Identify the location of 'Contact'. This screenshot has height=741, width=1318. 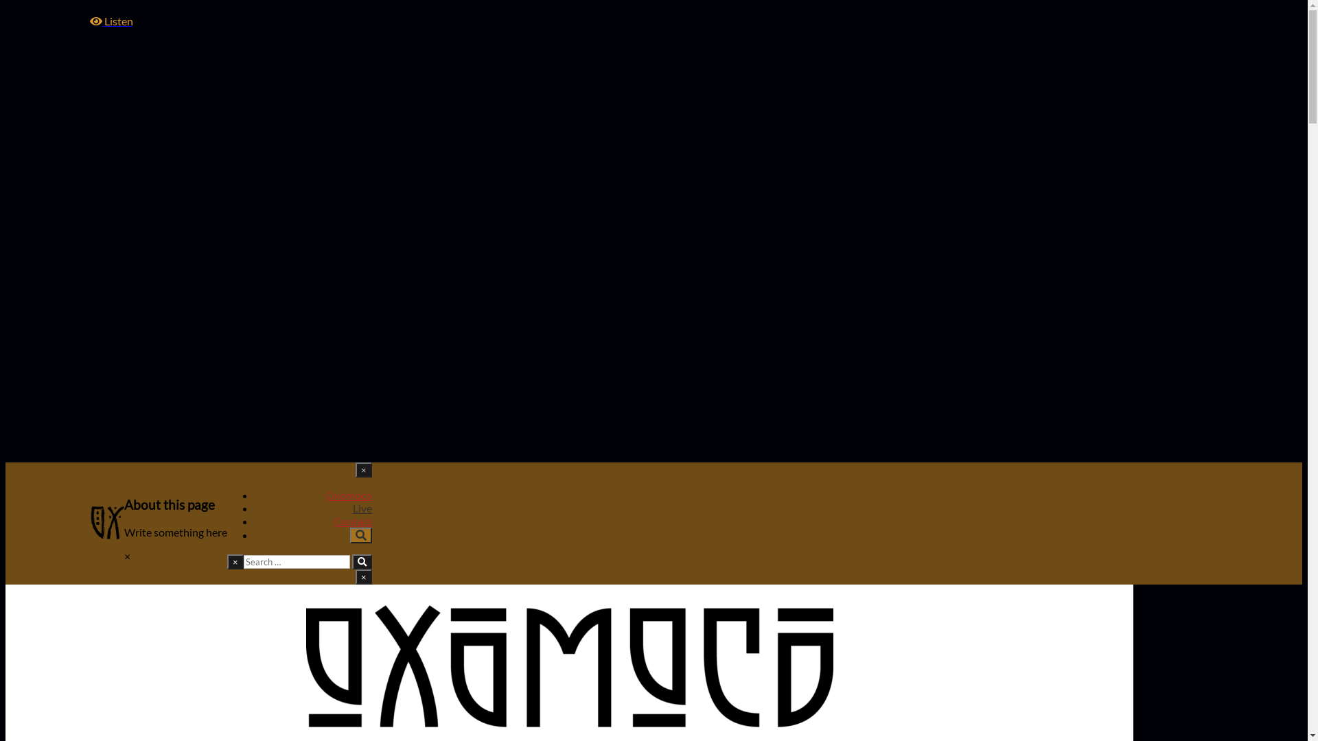
(352, 521).